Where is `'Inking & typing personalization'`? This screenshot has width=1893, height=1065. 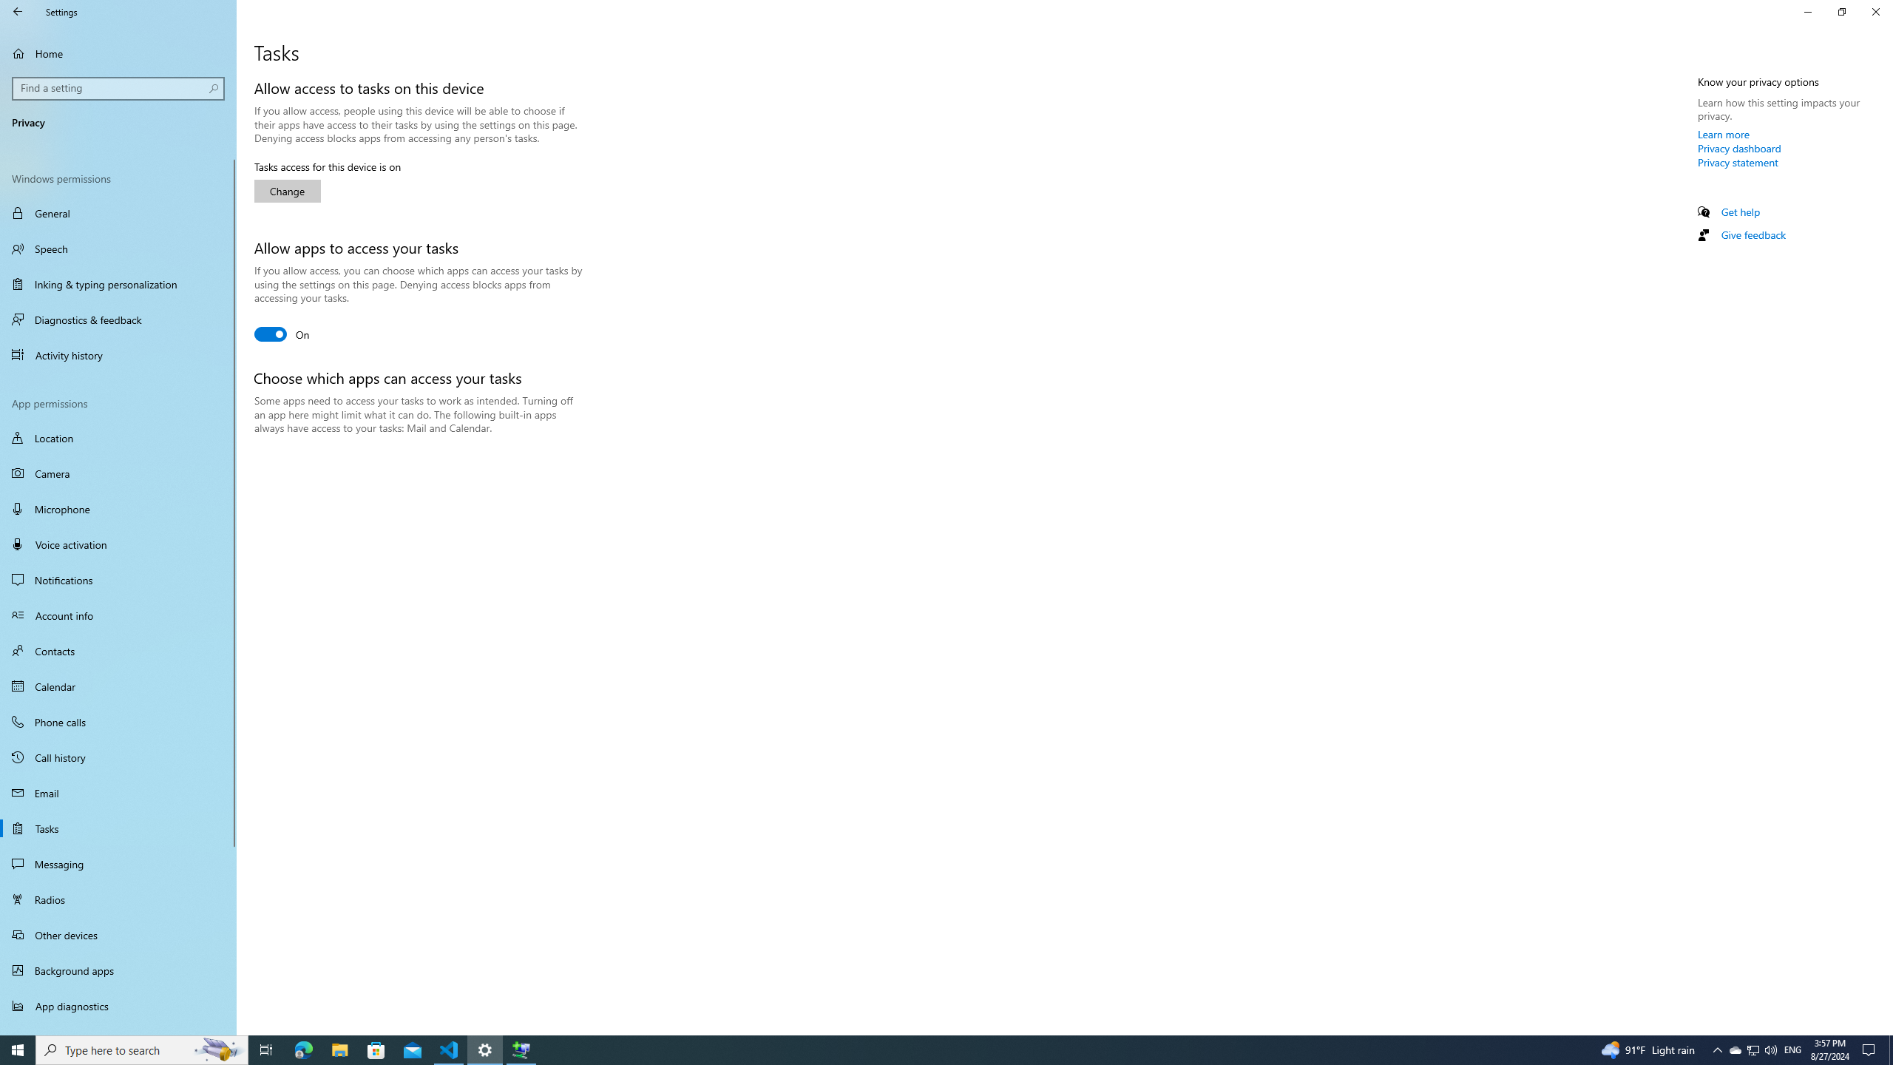 'Inking & typing personalization' is located at coordinates (118, 283).